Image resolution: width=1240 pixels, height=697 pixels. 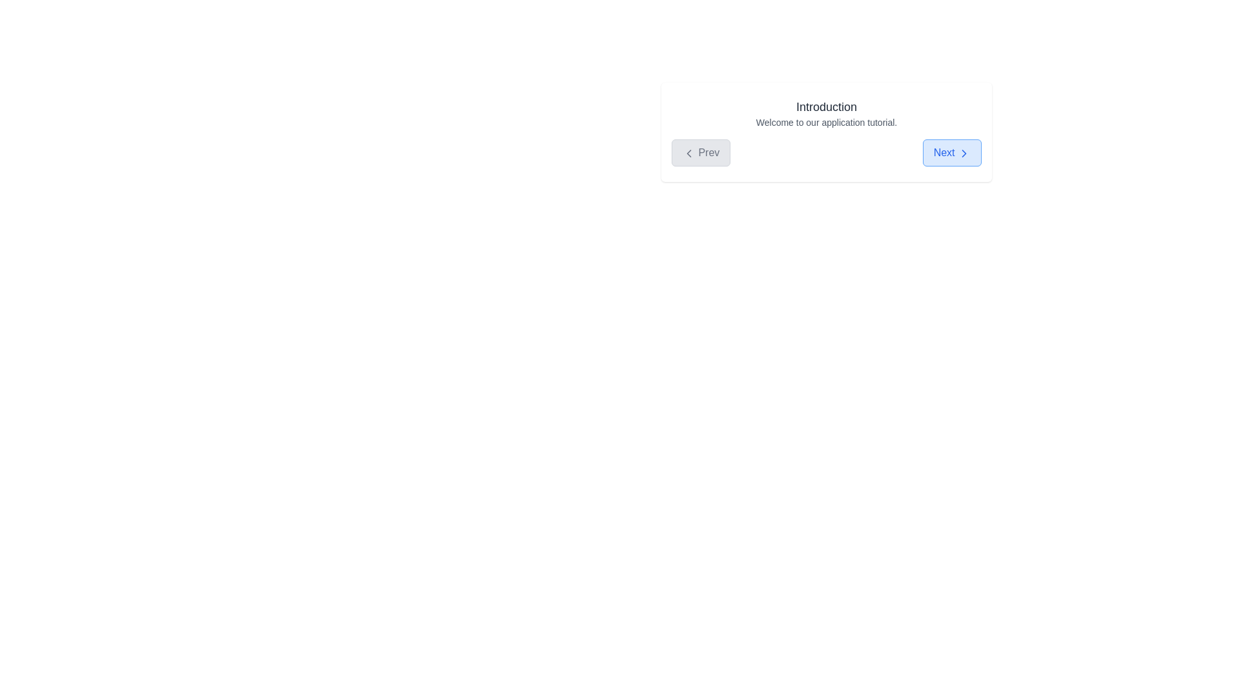 What do you see at coordinates (688, 152) in the screenshot?
I see `the left-pointing chevron icon within the 'Prev' button, which has a light gray background and rounded corners` at bounding box center [688, 152].